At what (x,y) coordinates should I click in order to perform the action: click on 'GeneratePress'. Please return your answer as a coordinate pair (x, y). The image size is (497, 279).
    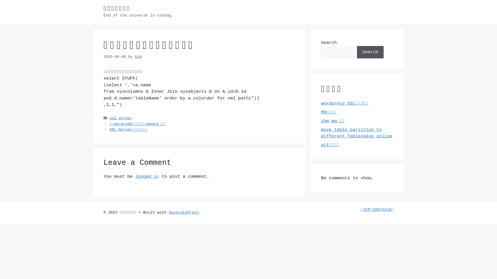
    Looking at the image, I should click on (184, 213).